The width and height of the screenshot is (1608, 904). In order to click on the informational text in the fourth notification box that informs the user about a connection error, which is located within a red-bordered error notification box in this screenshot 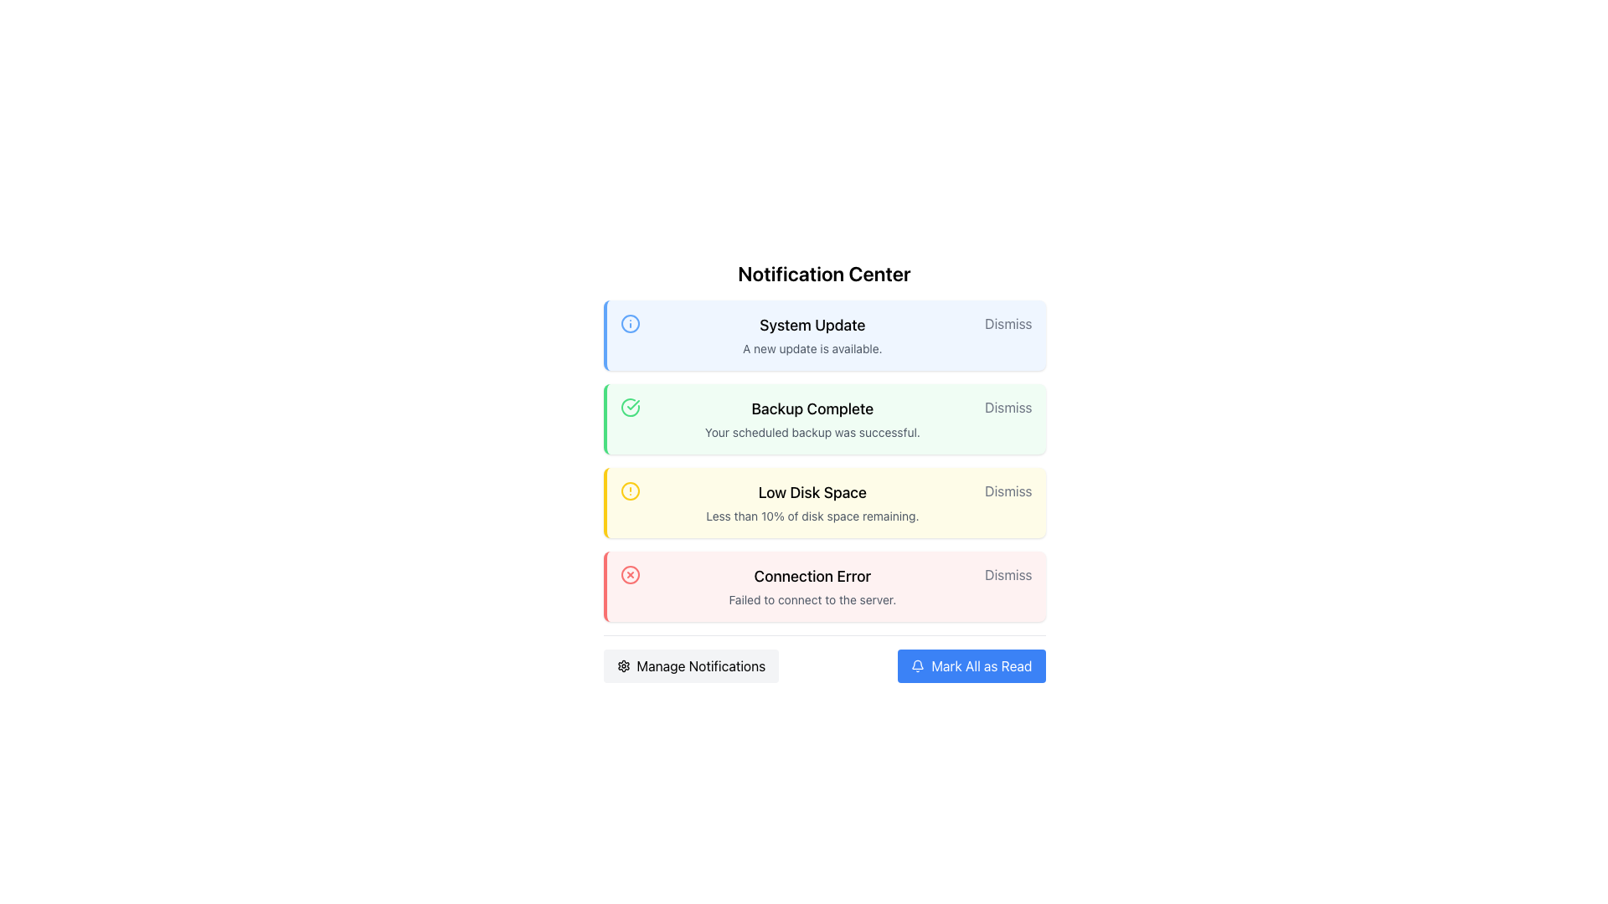, I will do `click(812, 586)`.